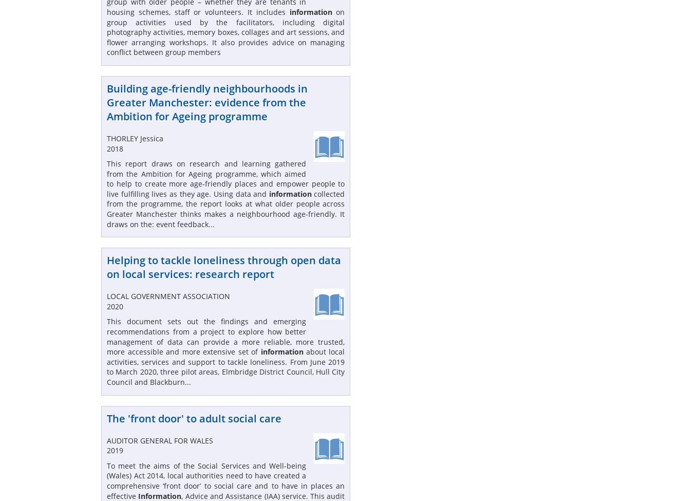 The height and width of the screenshot is (501, 697). I want to click on 'THORLEY Jessica', so click(107, 138).